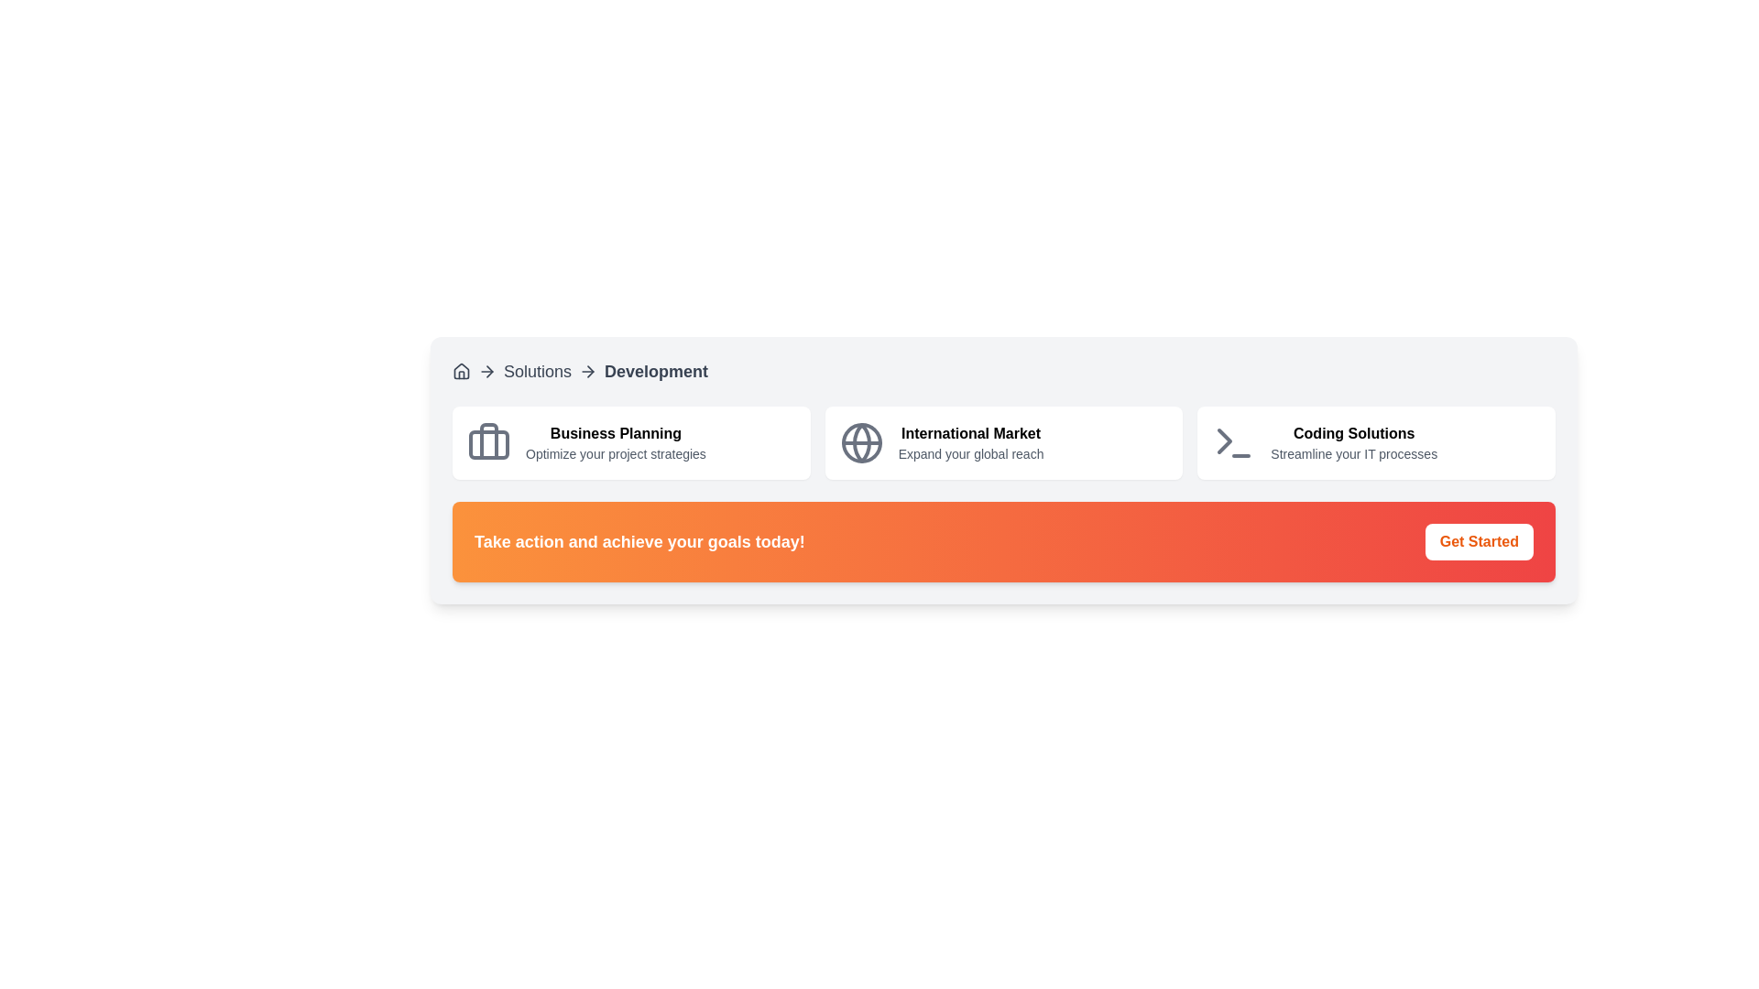 This screenshot has width=1759, height=989. What do you see at coordinates (488, 442) in the screenshot?
I see `the 'Business Planning' icon, which is located at the leftmost side of the section, above the text 'Business Planning' and 'Optimize your project strategies.'` at bounding box center [488, 442].